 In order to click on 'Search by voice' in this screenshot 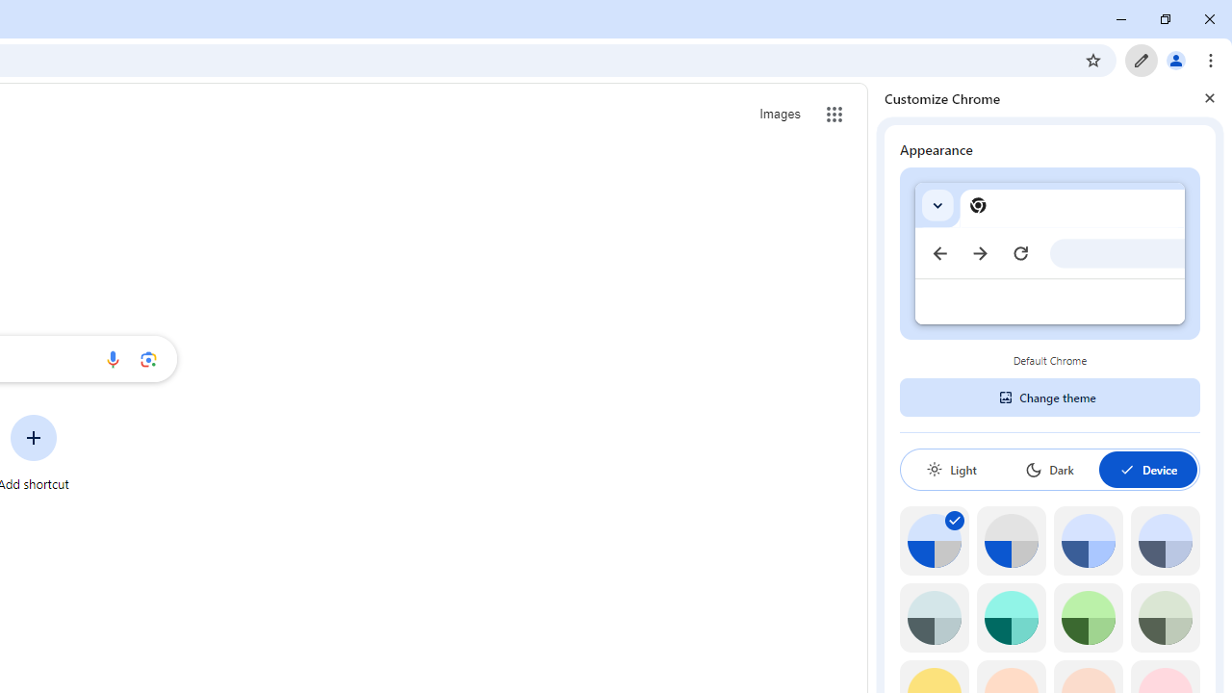, I will do `click(112, 358)`.